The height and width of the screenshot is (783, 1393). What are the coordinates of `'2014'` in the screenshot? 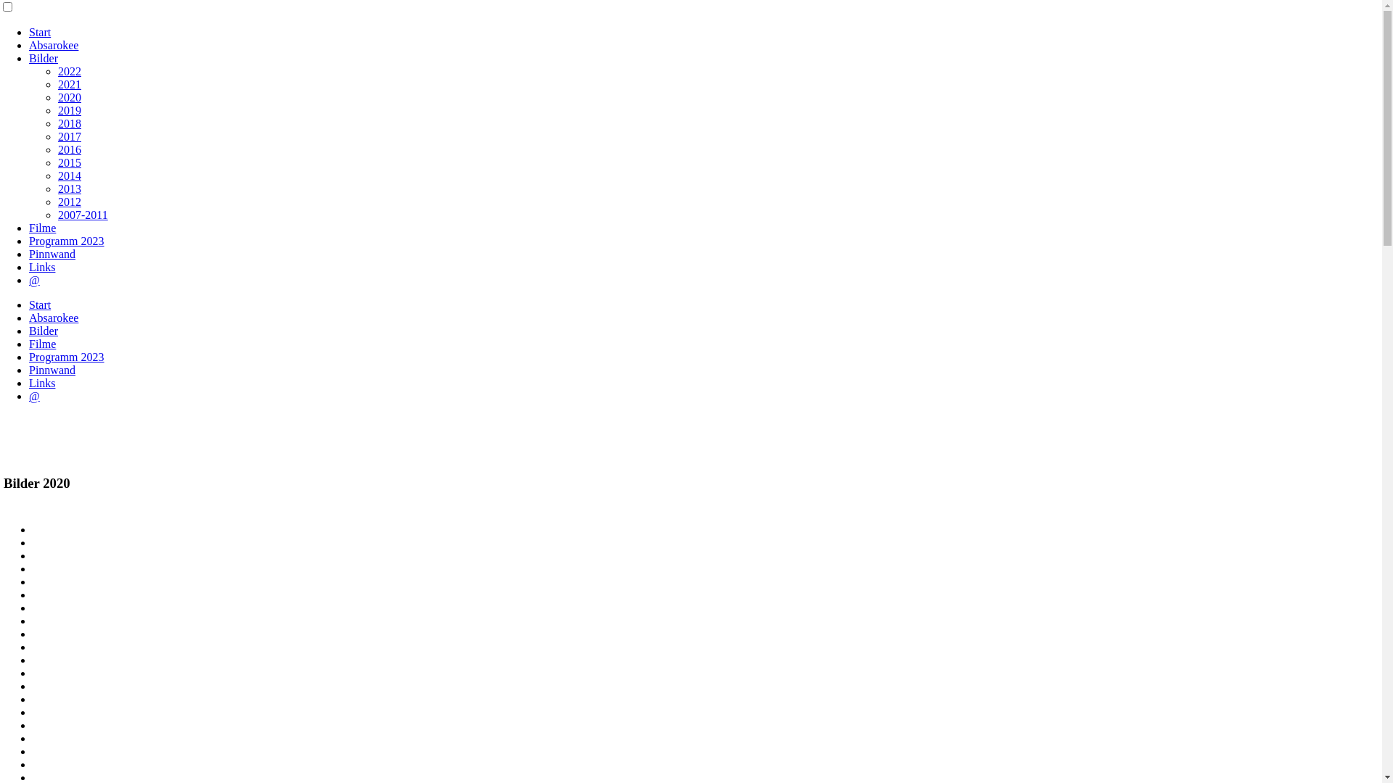 It's located at (58, 175).